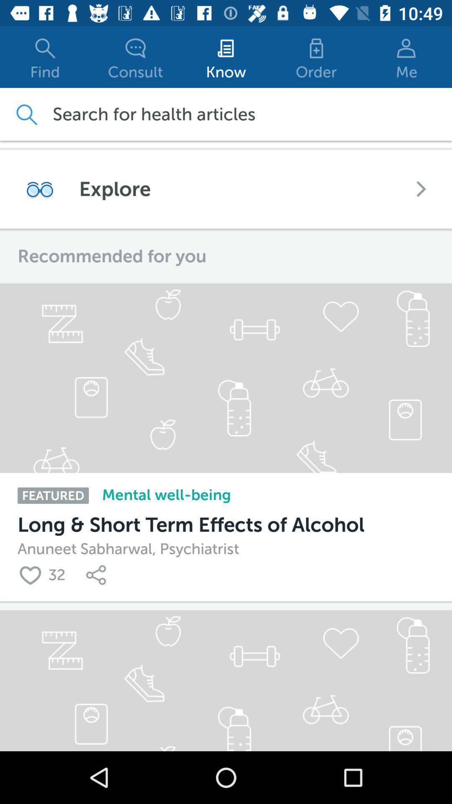 The height and width of the screenshot is (804, 452). I want to click on share article, so click(98, 575).